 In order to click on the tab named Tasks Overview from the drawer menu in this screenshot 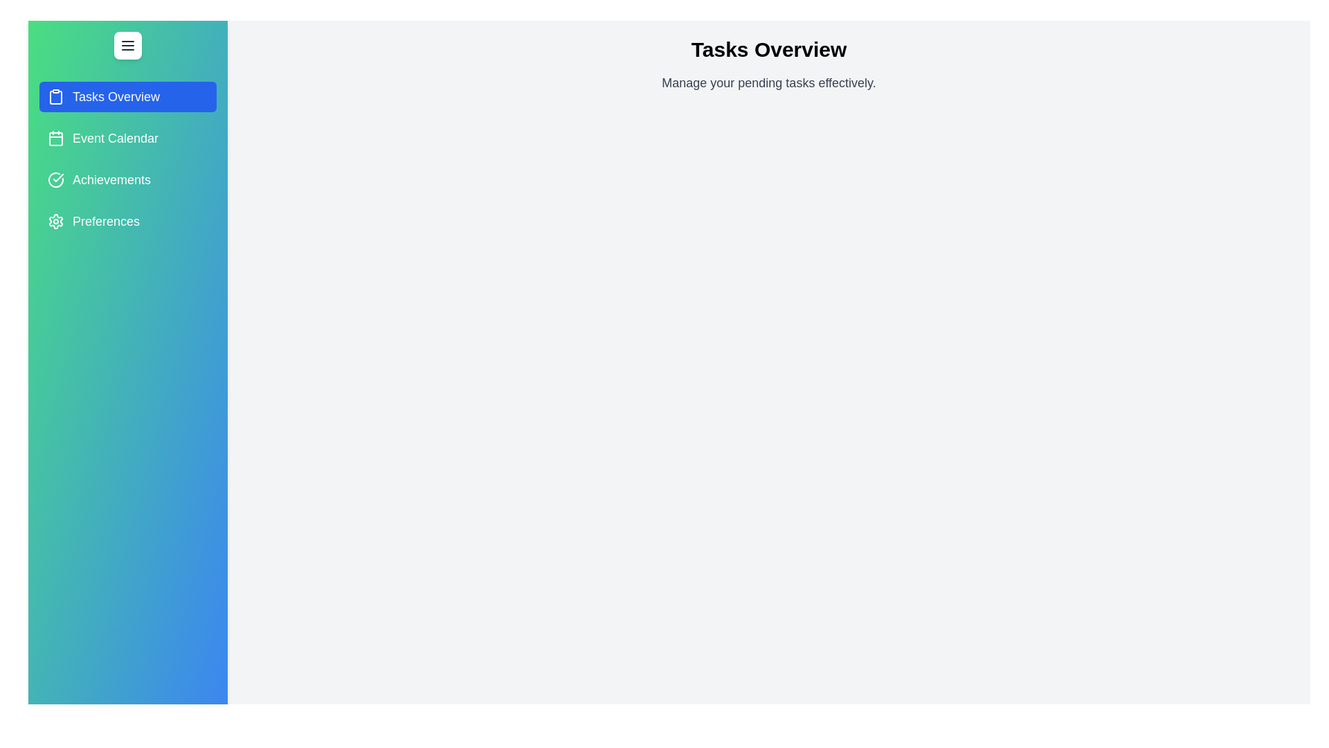, I will do `click(128, 96)`.